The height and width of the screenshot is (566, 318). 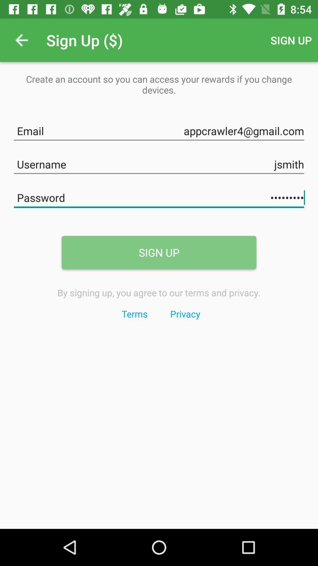 What do you see at coordinates (159, 163) in the screenshot?
I see `icon above crowd3116 icon` at bounding box center [159, 163].